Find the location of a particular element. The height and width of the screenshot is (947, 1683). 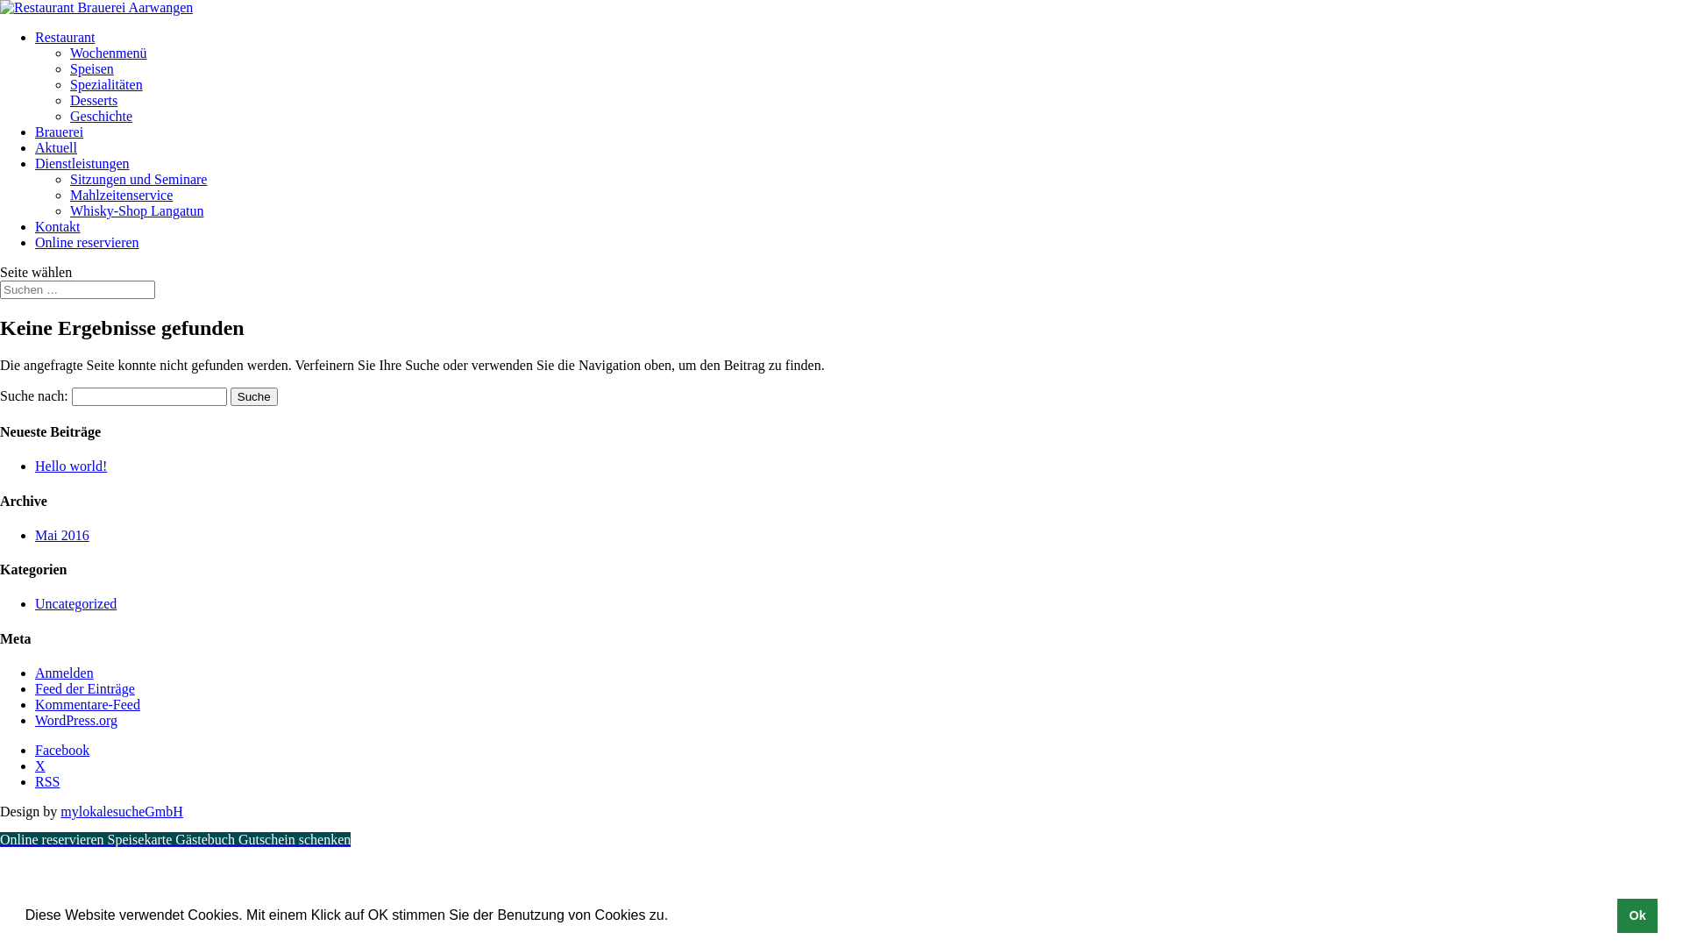

'WordPress.org' is located at coordinates (34, 720).